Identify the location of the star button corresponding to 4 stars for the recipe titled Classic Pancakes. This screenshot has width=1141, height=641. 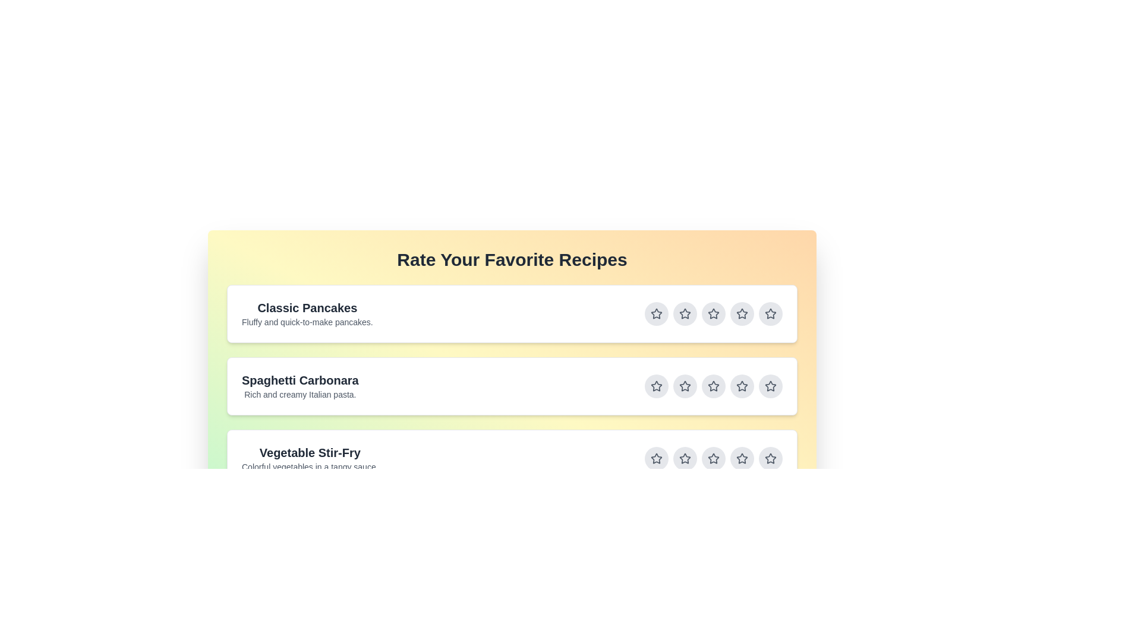
(741, 313).